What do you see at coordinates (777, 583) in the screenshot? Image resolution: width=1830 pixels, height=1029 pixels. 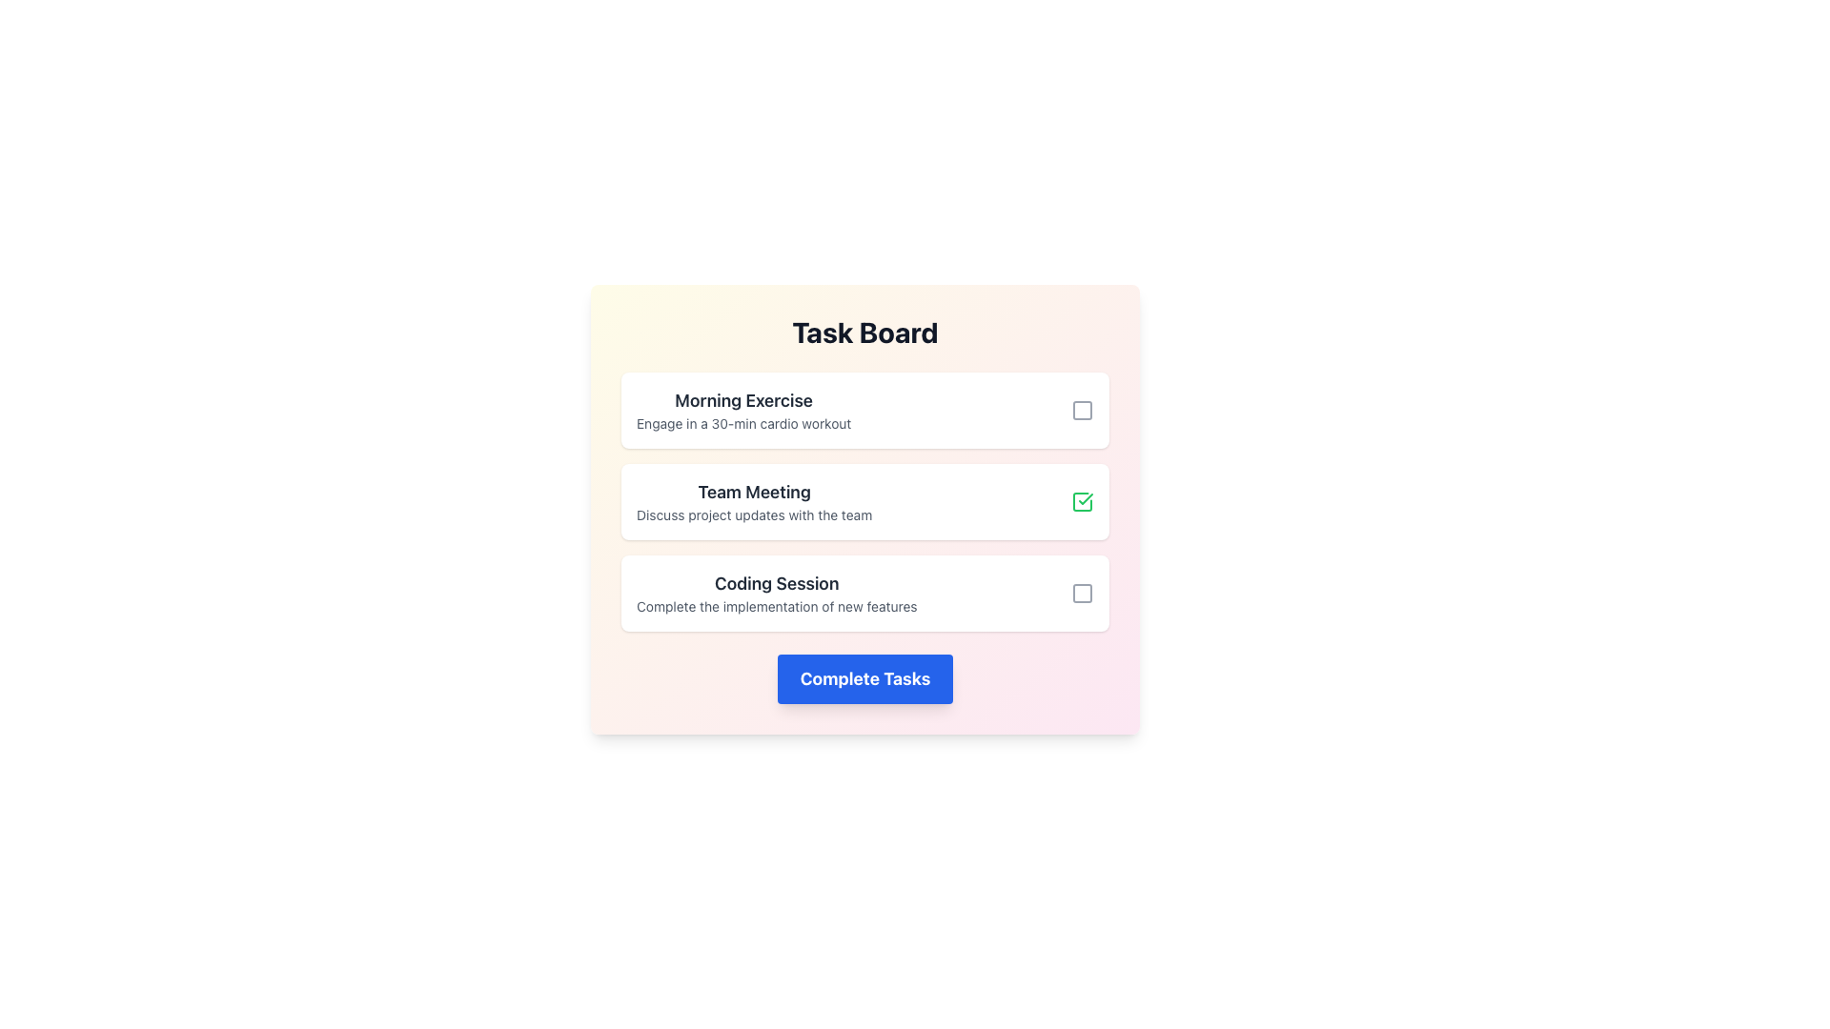 I see `the text label displaying the title 'Coding Session' within the third task entry of the vertical task list` at bounding box center [777, 583].